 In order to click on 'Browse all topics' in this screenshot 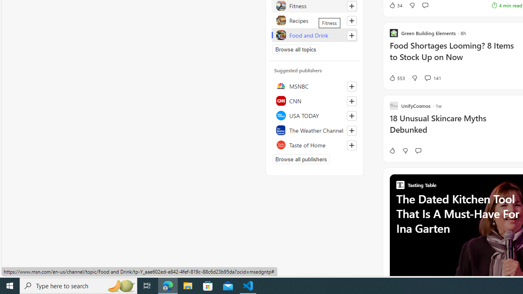, I will do `click(295, 49)`.